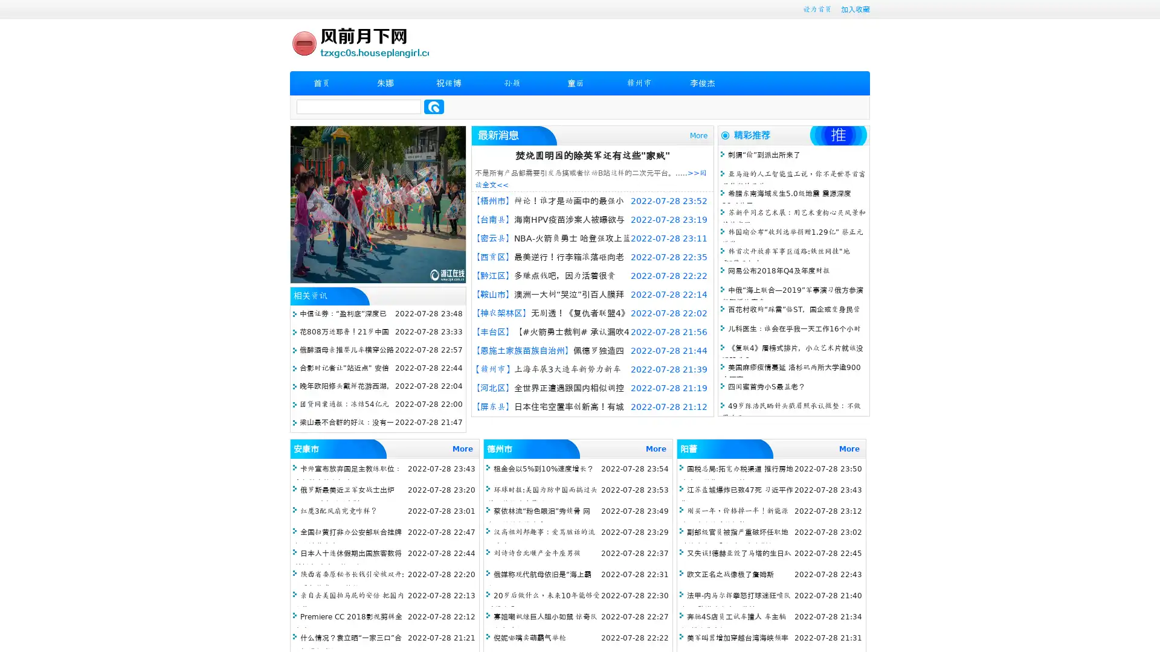 Image resolution: width=1160 pixels, height=652 pixels. Describe the element at coordinates (434, 106) in the screenshot. I see `Search` at that location.